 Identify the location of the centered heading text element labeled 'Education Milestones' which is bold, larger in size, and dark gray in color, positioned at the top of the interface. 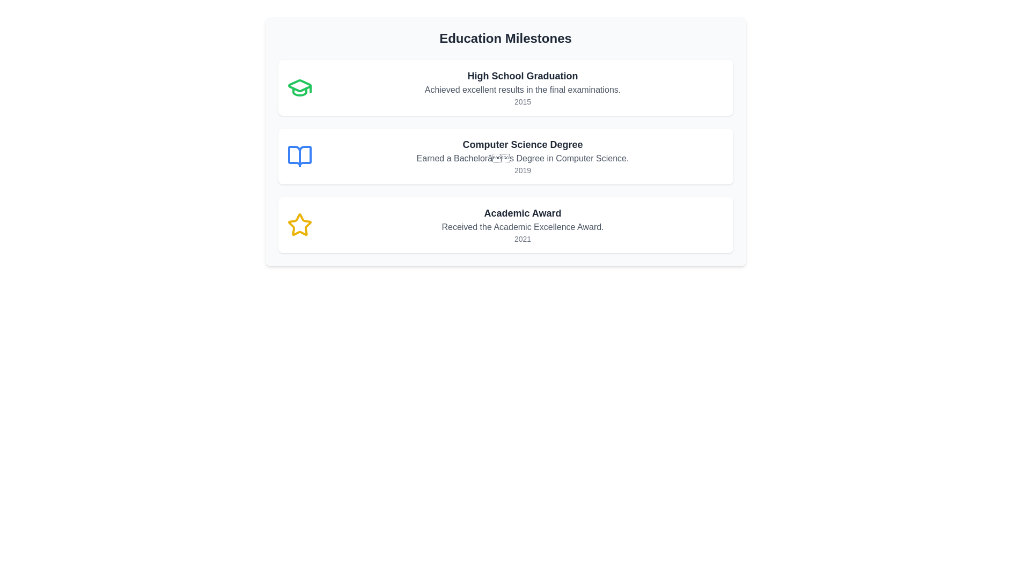
(505, 38).